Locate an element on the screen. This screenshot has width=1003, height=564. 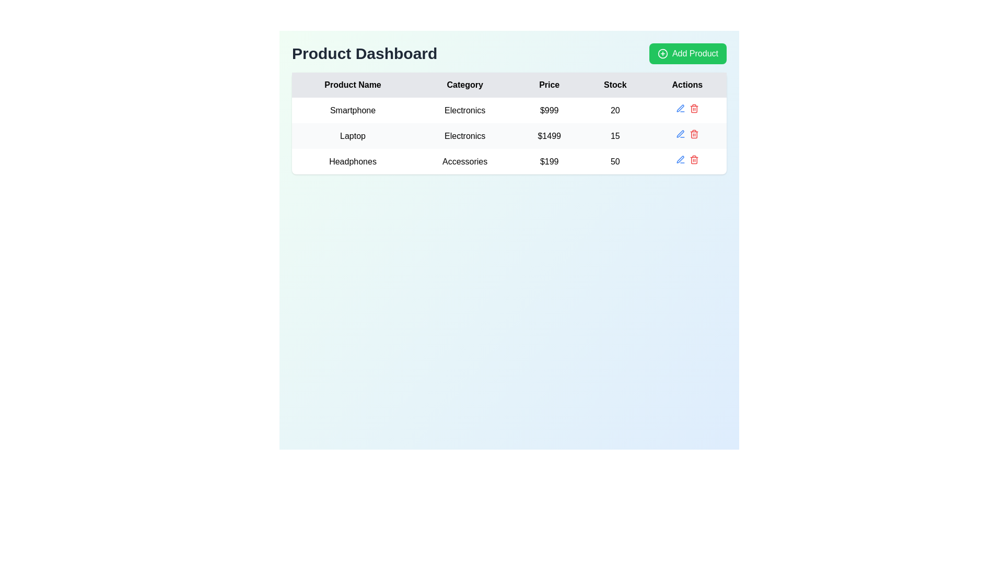
the text label displaying 'Accessories' located in the second cell of the 'Headphones' row under the 'Category' column in the tabular layout is located at coordinates (464, 161).